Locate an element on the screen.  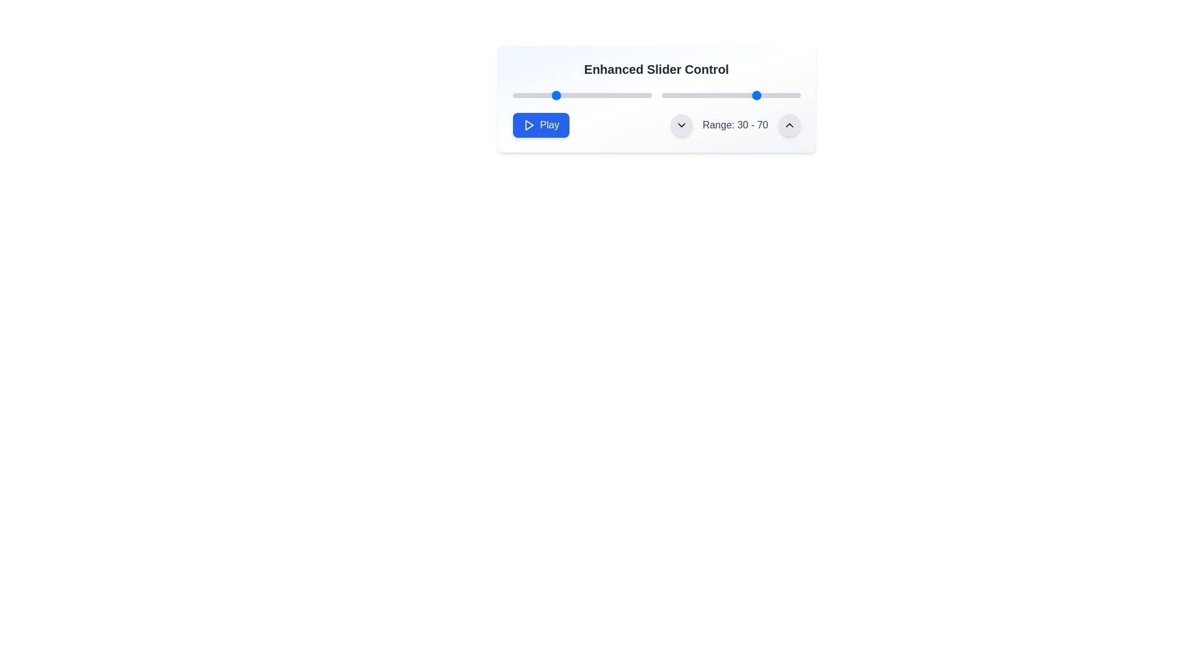
the slider is located at coordinates (639, 95).